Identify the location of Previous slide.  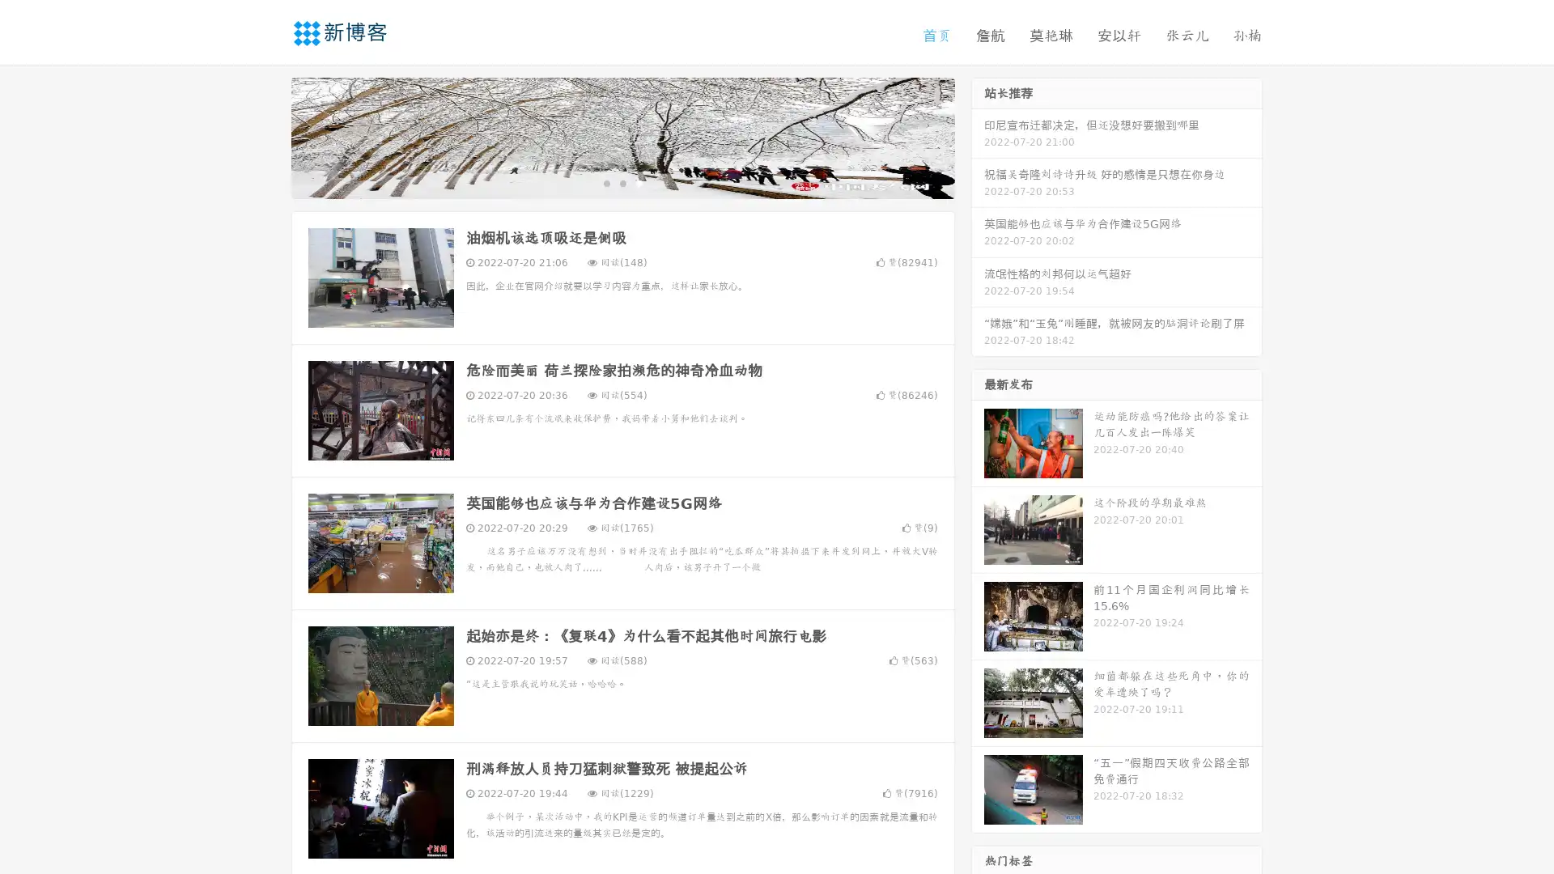
(267, 136).